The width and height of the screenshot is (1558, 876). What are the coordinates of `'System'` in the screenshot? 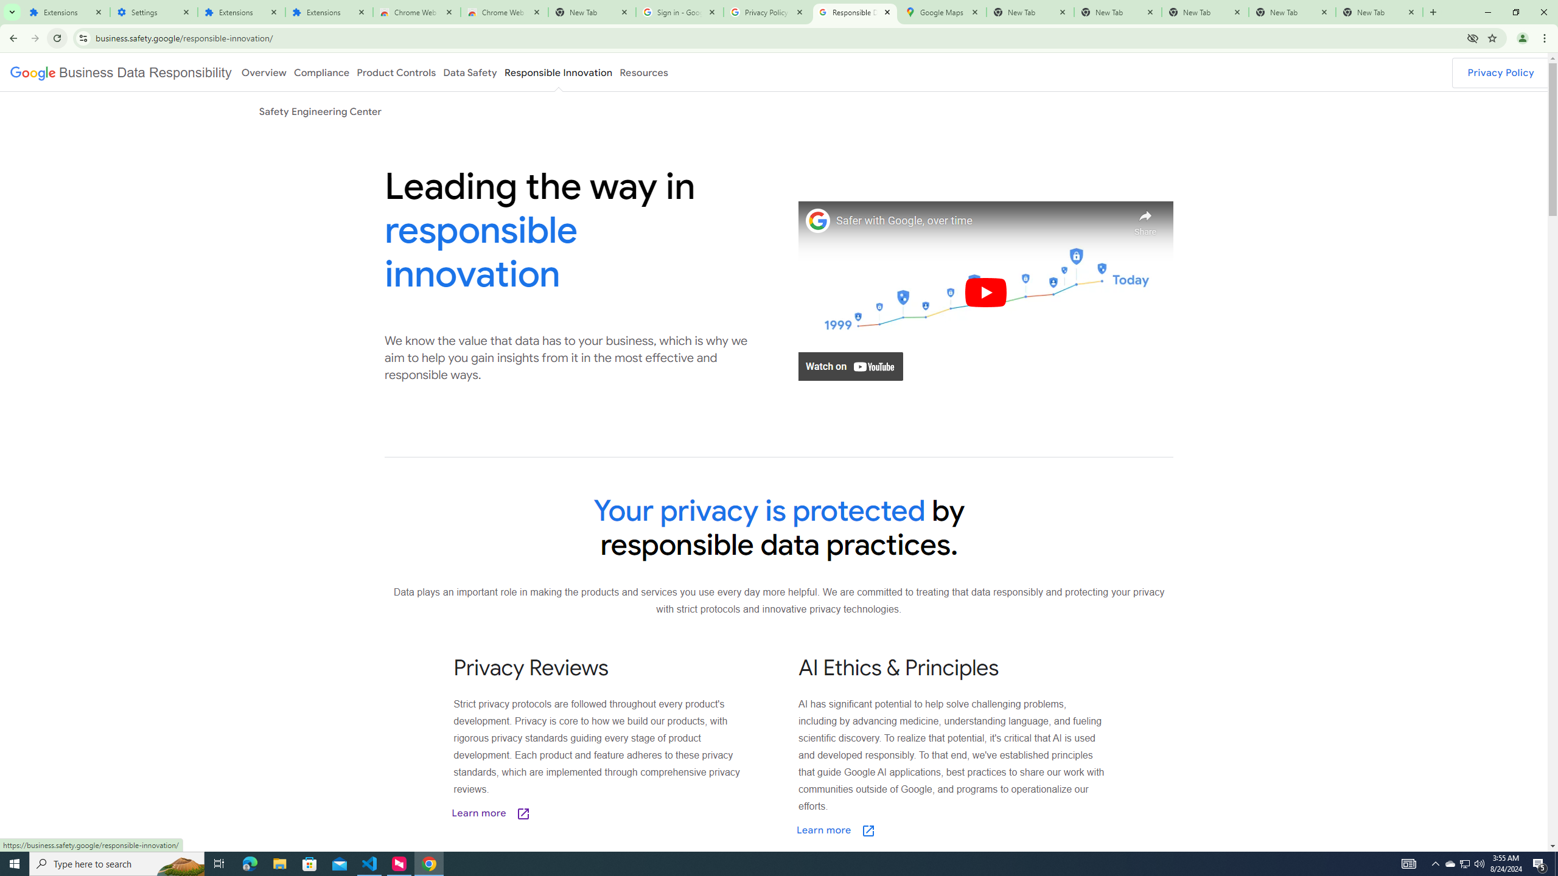 It's located at (7, 5).